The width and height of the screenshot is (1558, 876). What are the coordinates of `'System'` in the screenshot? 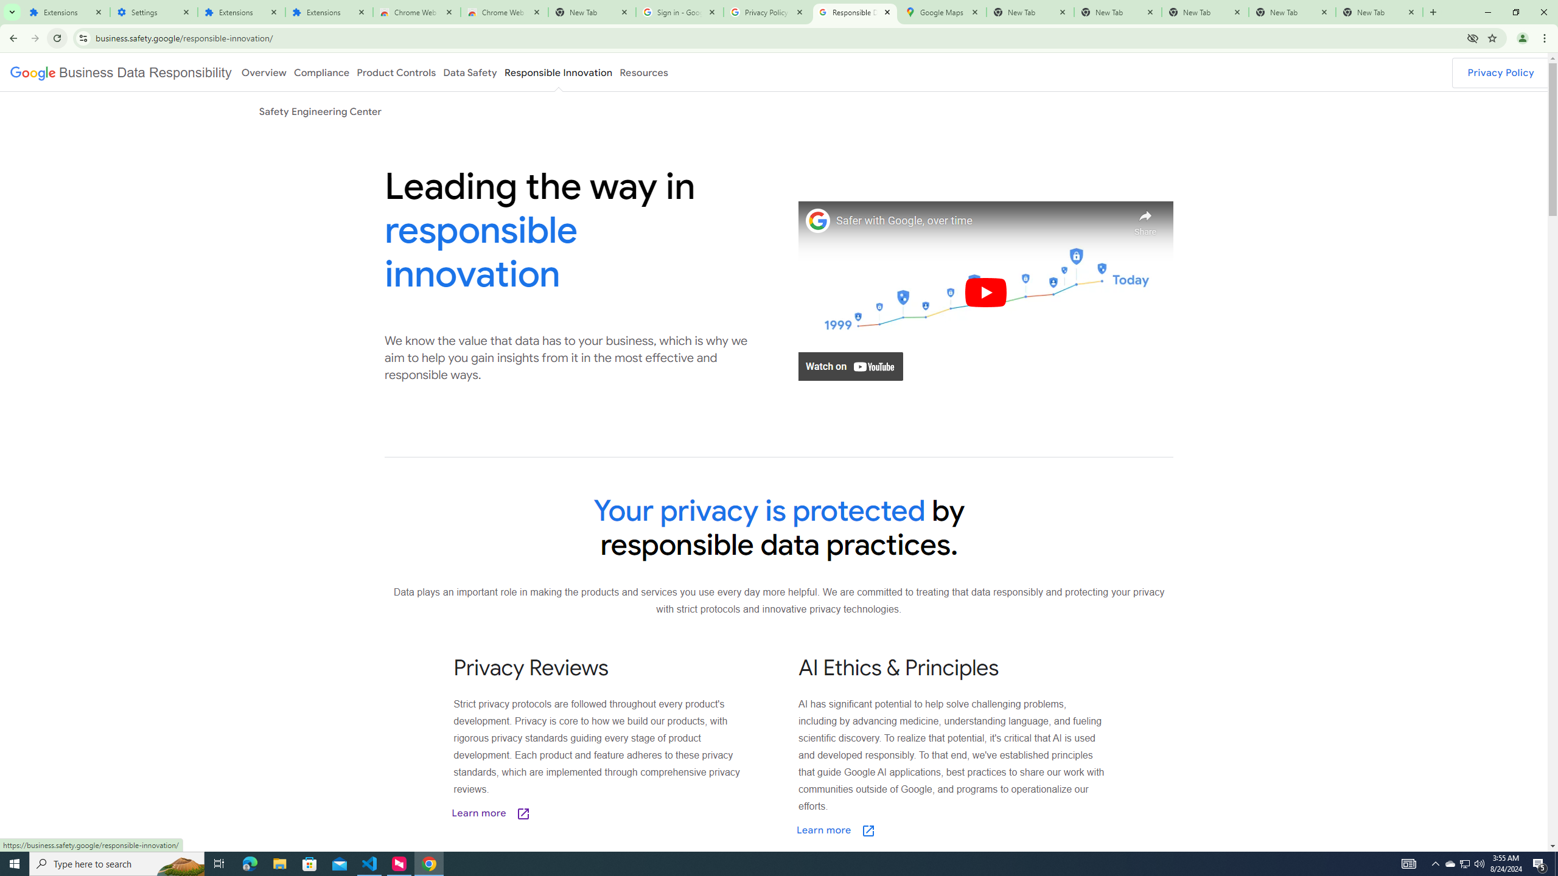 It's located at (7, 5).